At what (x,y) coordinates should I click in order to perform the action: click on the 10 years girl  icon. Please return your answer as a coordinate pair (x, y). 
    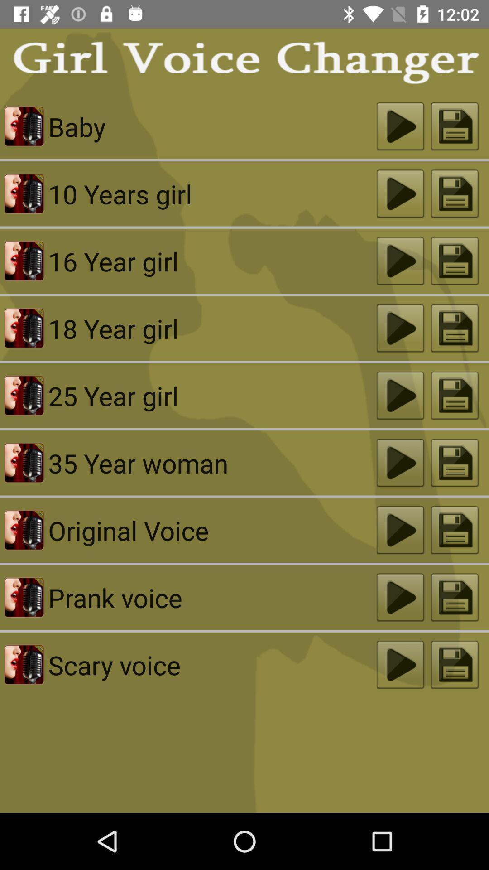
    Looking at the image, I should click on (212, 193).